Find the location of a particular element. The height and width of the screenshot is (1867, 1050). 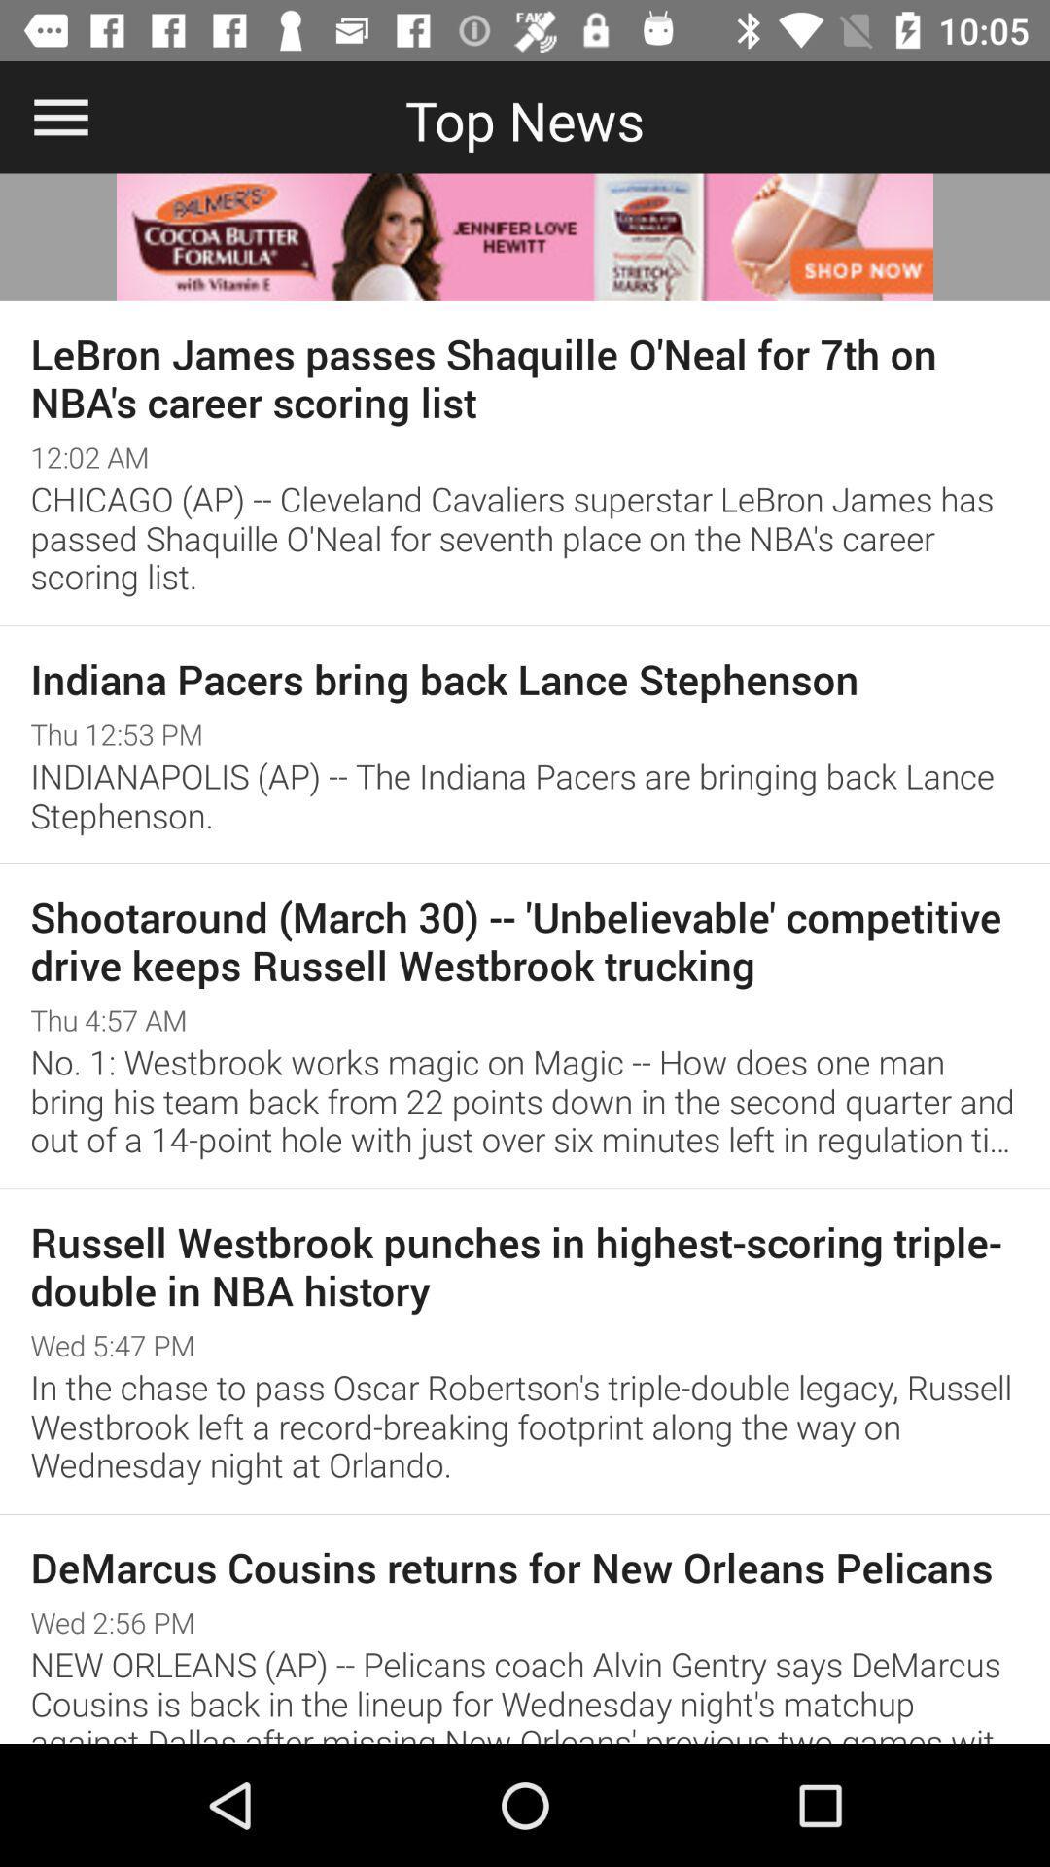

advertisement is located at coordinates (525, 236).